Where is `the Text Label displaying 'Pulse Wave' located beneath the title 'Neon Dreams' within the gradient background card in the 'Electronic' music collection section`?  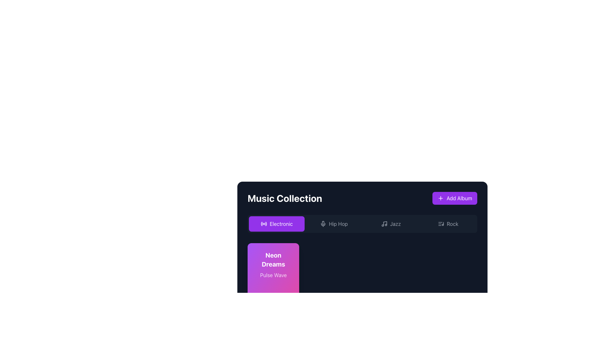 the Text Label displaying 'Pulse Wave' located beneath the title 'Neon Dreams' within the gradient background card in the 'Electronic' music collection section is located at coordinates (273, 275).